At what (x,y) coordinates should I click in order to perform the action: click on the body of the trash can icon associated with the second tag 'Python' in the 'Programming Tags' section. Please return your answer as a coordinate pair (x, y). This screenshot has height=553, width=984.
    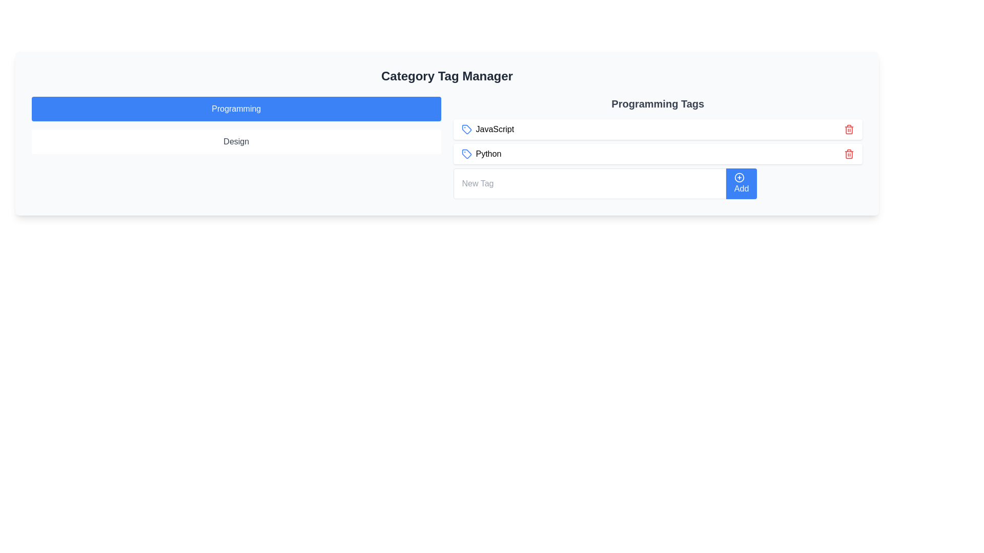
    Looking at the image, I should click on (849, 130).